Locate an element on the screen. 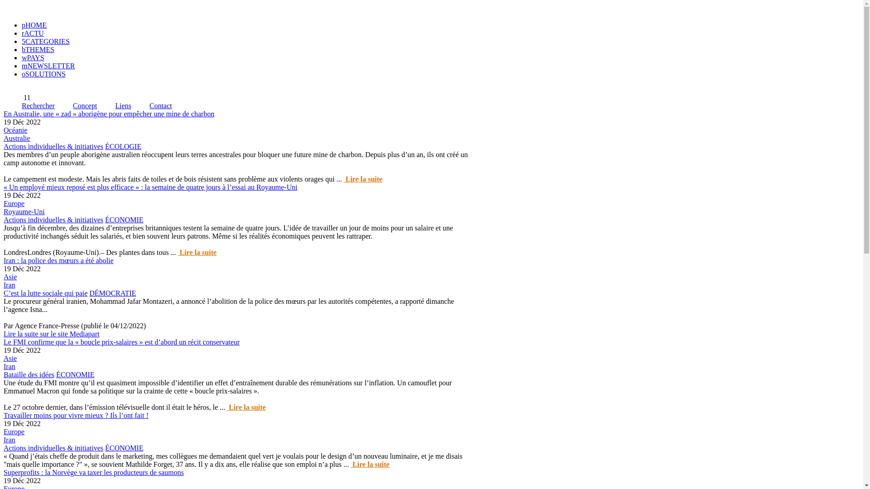  'pHOME' is located at coordinates (34, 24).